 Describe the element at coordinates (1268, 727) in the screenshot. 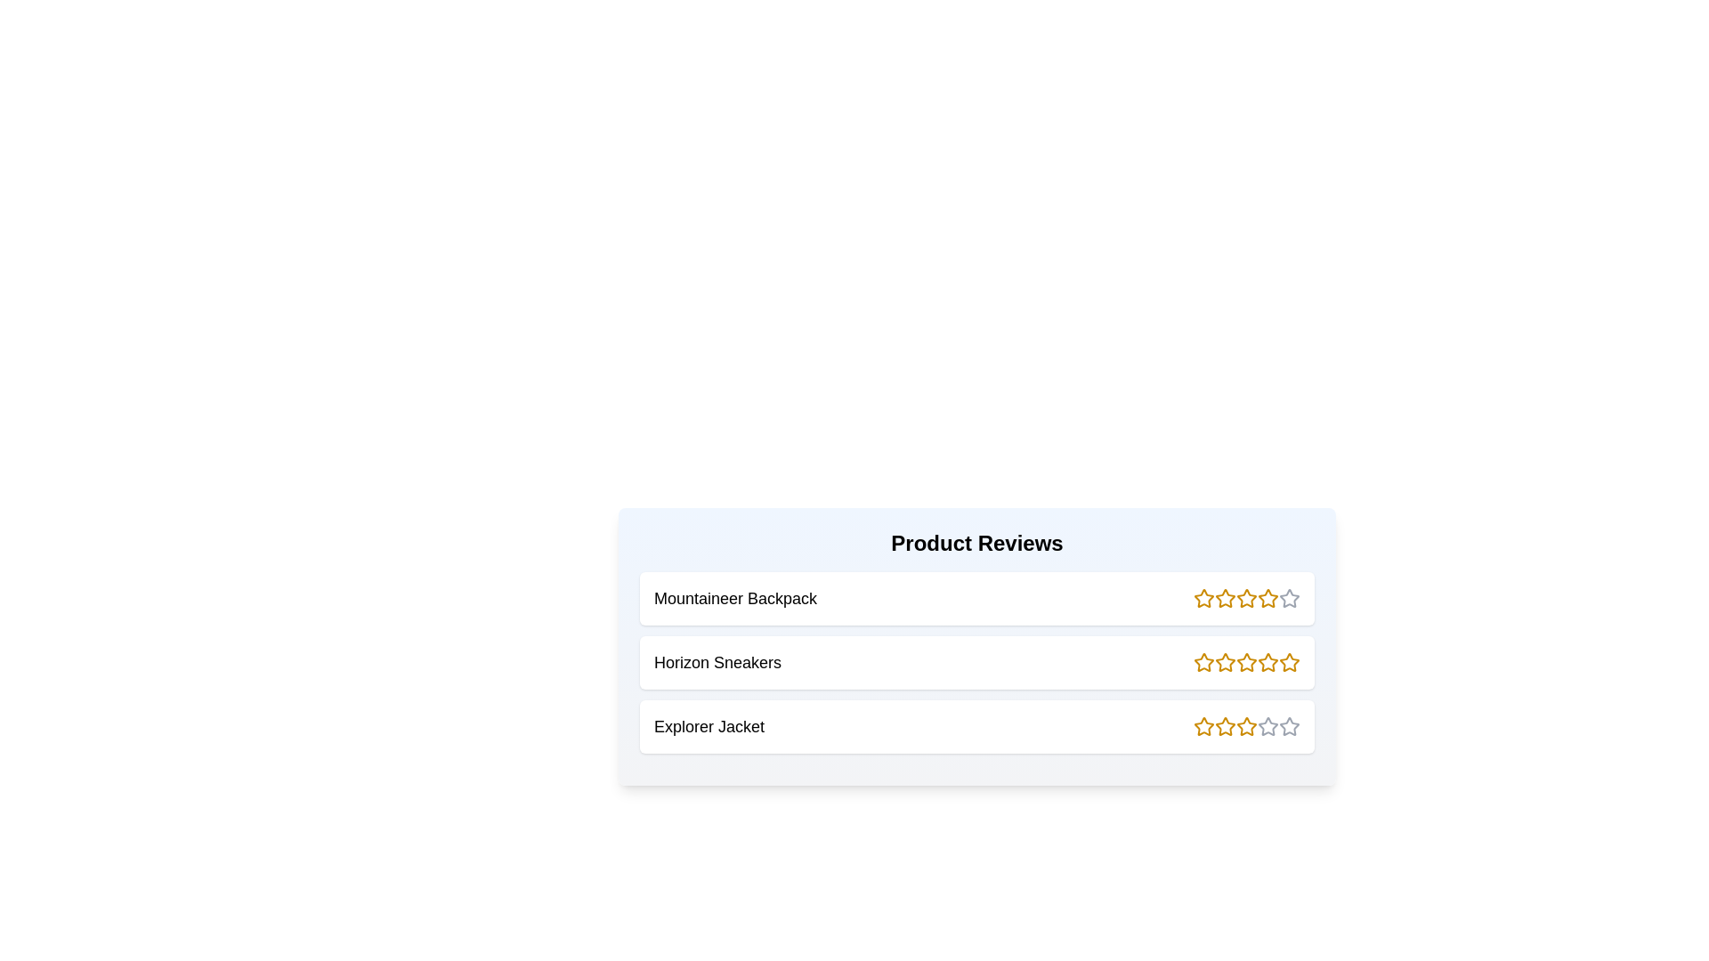

I see `the rating of a product to 4 stars by clicking the corresponding star icon for the product Explorer Jacket` at that location.